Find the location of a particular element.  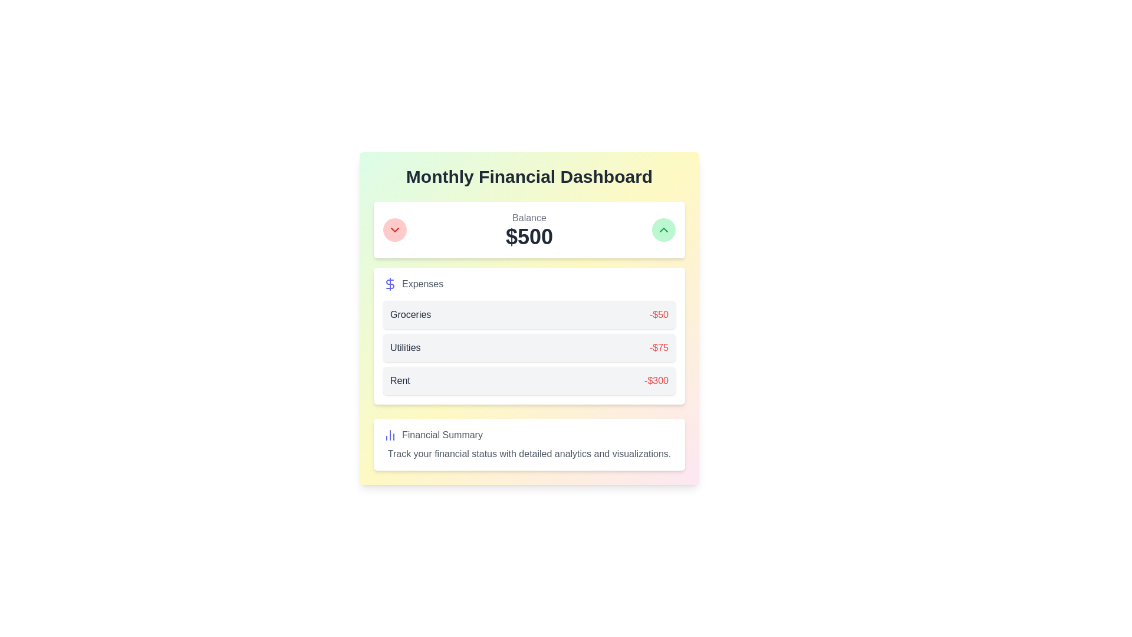

the icon centered inside the rounded green button located at the top-right corner of the interface is located at coordinates (663, 229).